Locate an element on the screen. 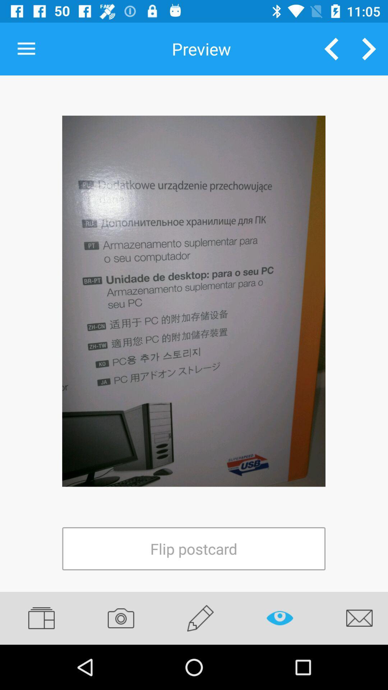 This screenshot has height=690, width=388. go forward is located at coordinates (369, 49).